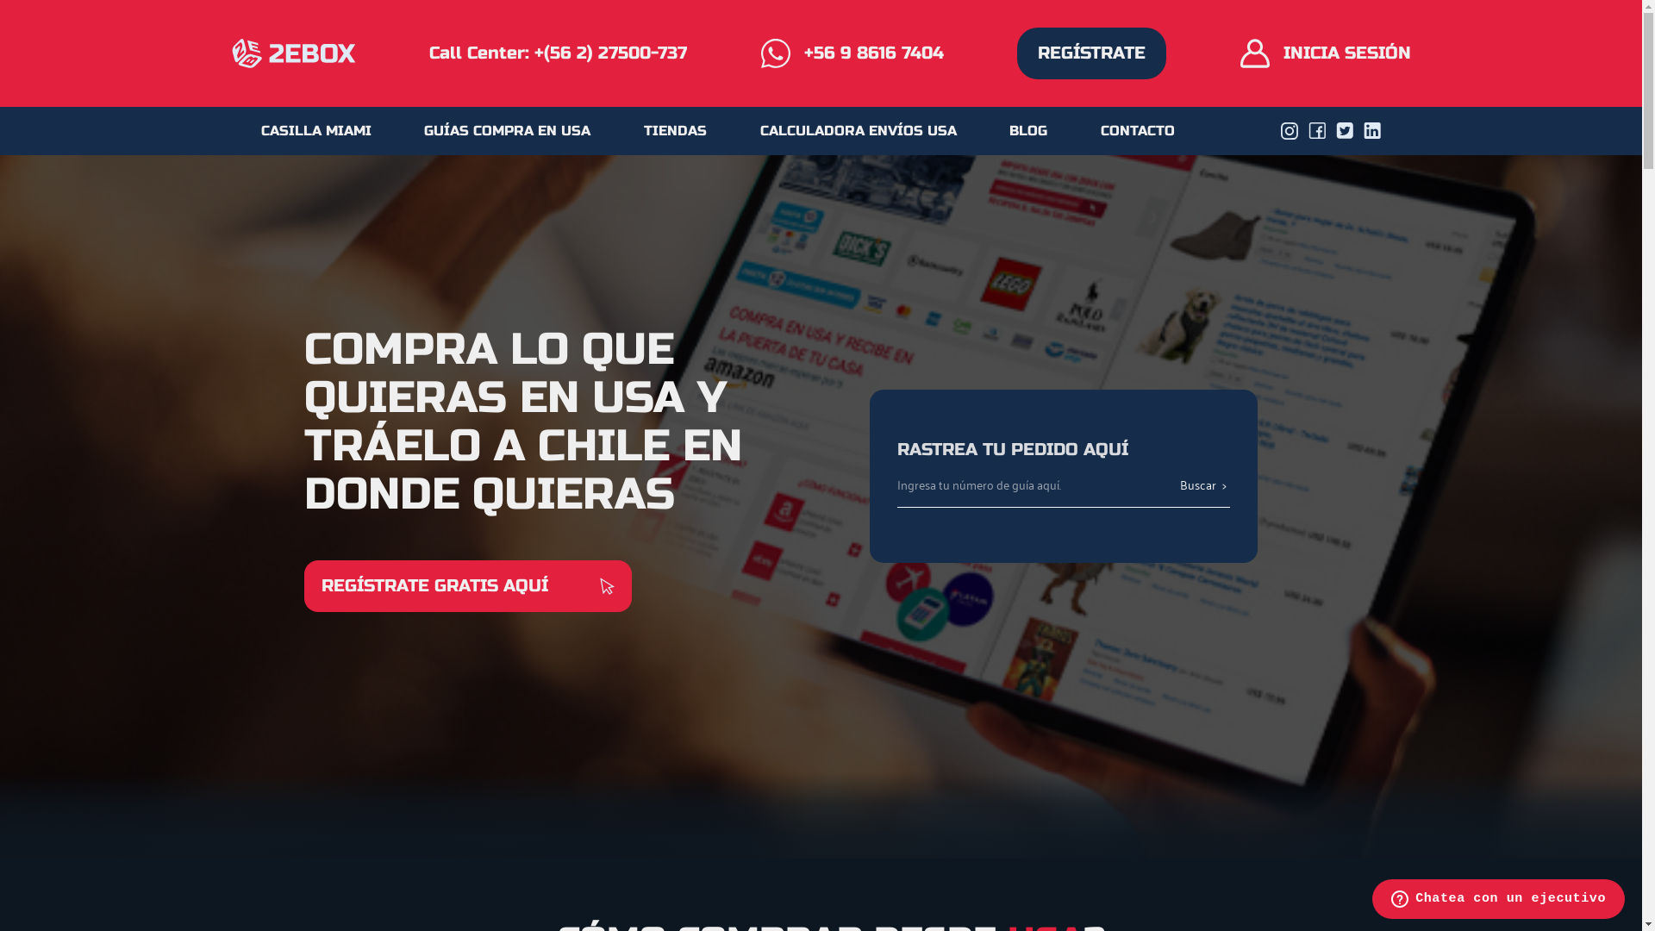  Describe the element at coordinates (1315, 129) in the screenshot. I see `'facebook'` at that location.